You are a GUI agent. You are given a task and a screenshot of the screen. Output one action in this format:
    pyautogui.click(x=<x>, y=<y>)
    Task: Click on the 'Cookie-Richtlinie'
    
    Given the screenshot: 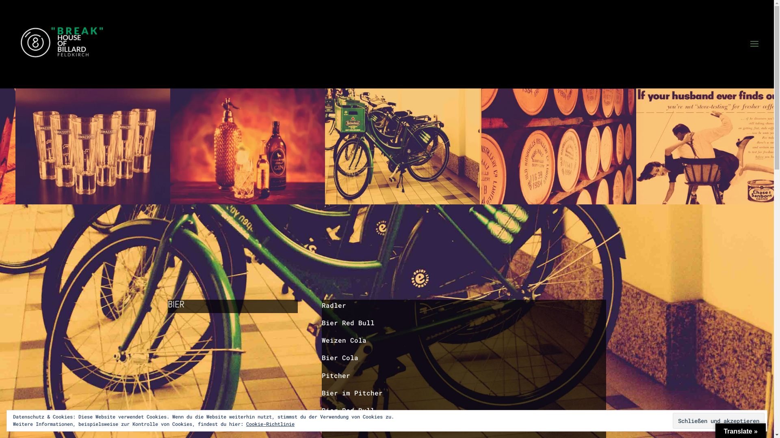 What is the action you would take?
    pyautogui.click(x=245, y=423)
    